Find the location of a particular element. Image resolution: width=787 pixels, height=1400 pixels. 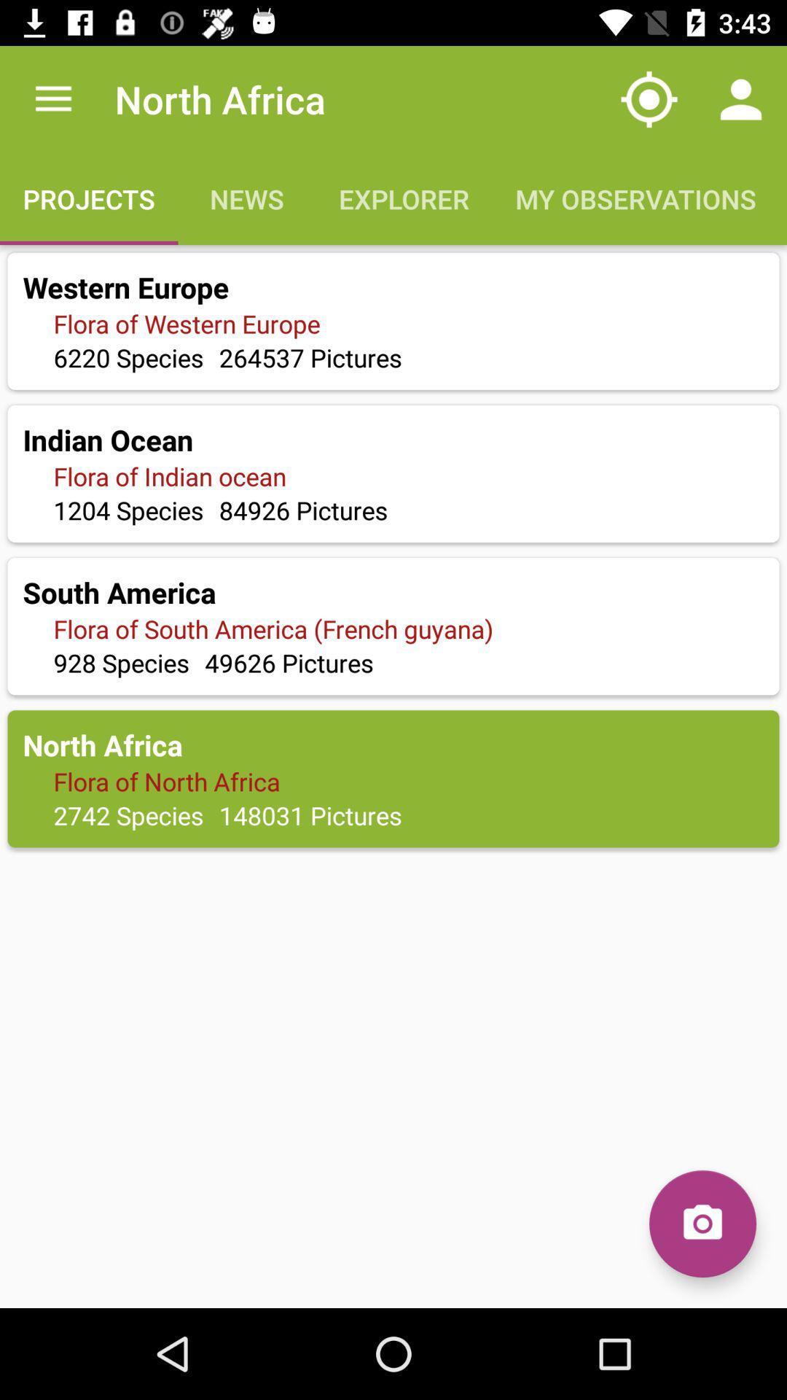

the photo icon is located at coordinates (702, 1224).